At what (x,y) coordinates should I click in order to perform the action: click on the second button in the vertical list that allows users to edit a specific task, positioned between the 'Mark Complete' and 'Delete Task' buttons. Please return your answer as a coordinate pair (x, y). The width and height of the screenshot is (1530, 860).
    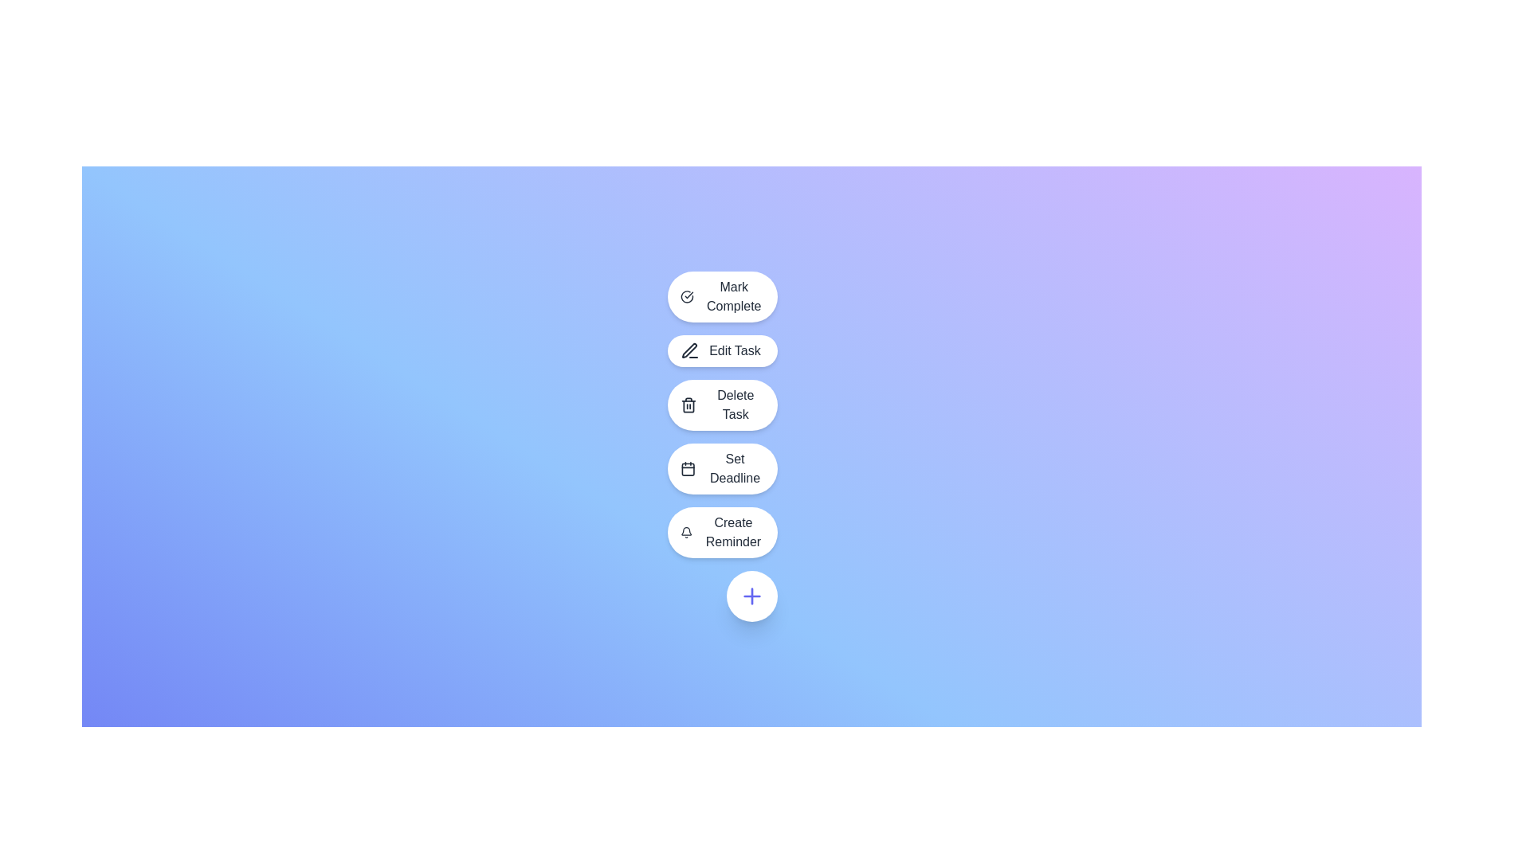
    Looking at the image, I should click on (721, 350).